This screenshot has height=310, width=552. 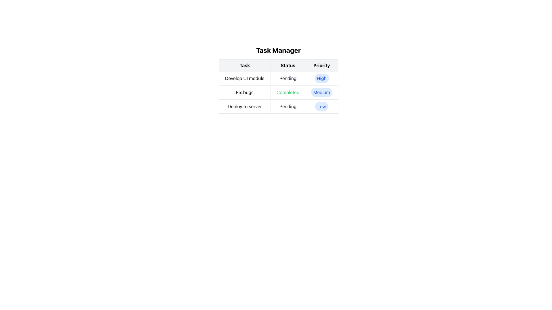 I want to click on the second row in the task manager table that details the task 'Fix bugs', which is located between 'Develop UI module' and 'Deploy to server', so click(x=278, y=92).